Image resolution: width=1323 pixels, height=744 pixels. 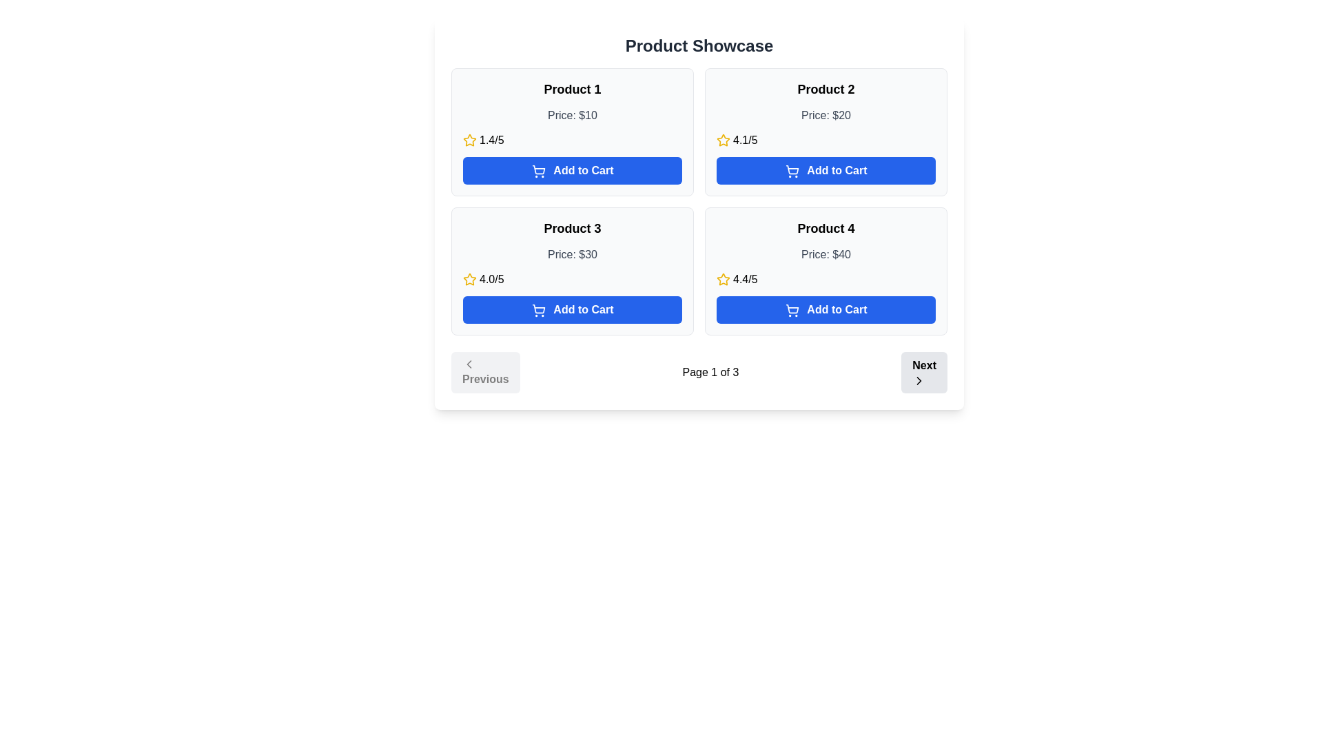 I want to click on the blue 'Add to Cart' button which contains the shopping cart icon, located under the 'Product 2' card in the second column of the product grid, so click(x=792, y=170).